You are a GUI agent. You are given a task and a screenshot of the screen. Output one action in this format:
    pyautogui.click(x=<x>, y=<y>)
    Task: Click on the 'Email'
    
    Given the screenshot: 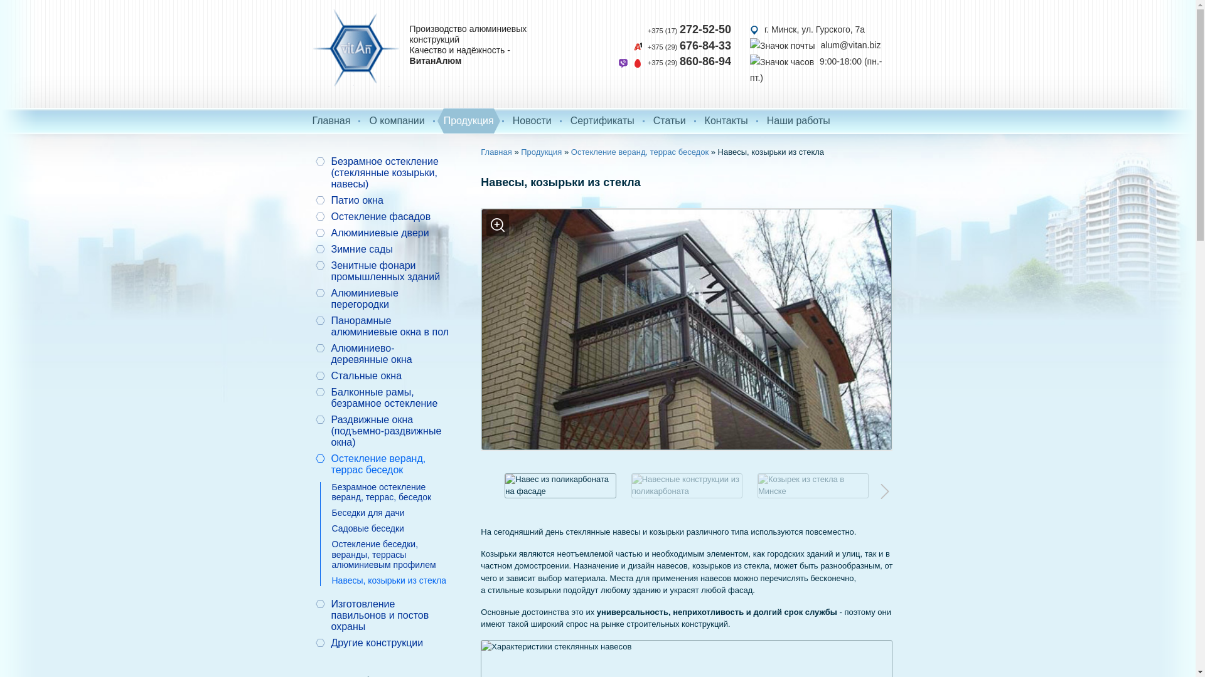 What is the action you would take?
    pyautogui.click(x=782, y=45)
    